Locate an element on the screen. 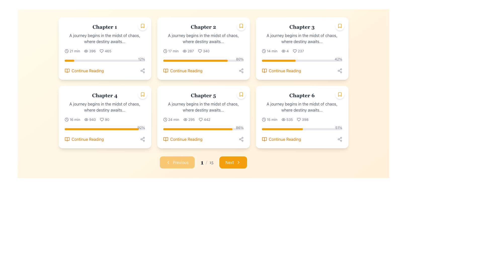  the bookmark icon located in the top-right corner of the card labeled 'Chapter 4' is located at coordinates (142, 94).